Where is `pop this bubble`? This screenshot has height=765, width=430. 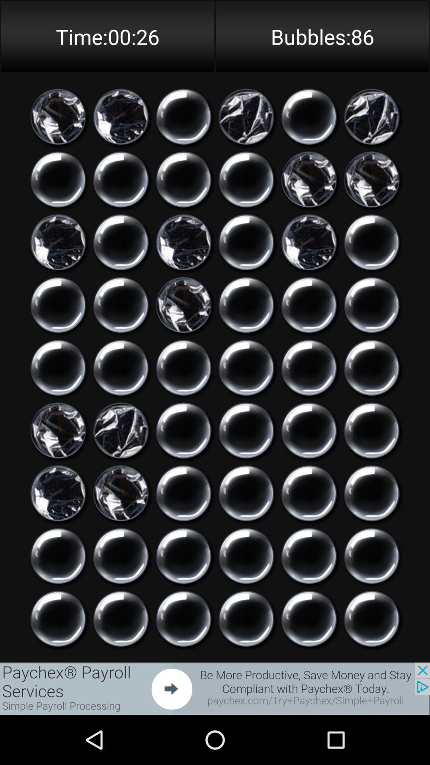 pop this bubble is located at coordinates (121, 555).